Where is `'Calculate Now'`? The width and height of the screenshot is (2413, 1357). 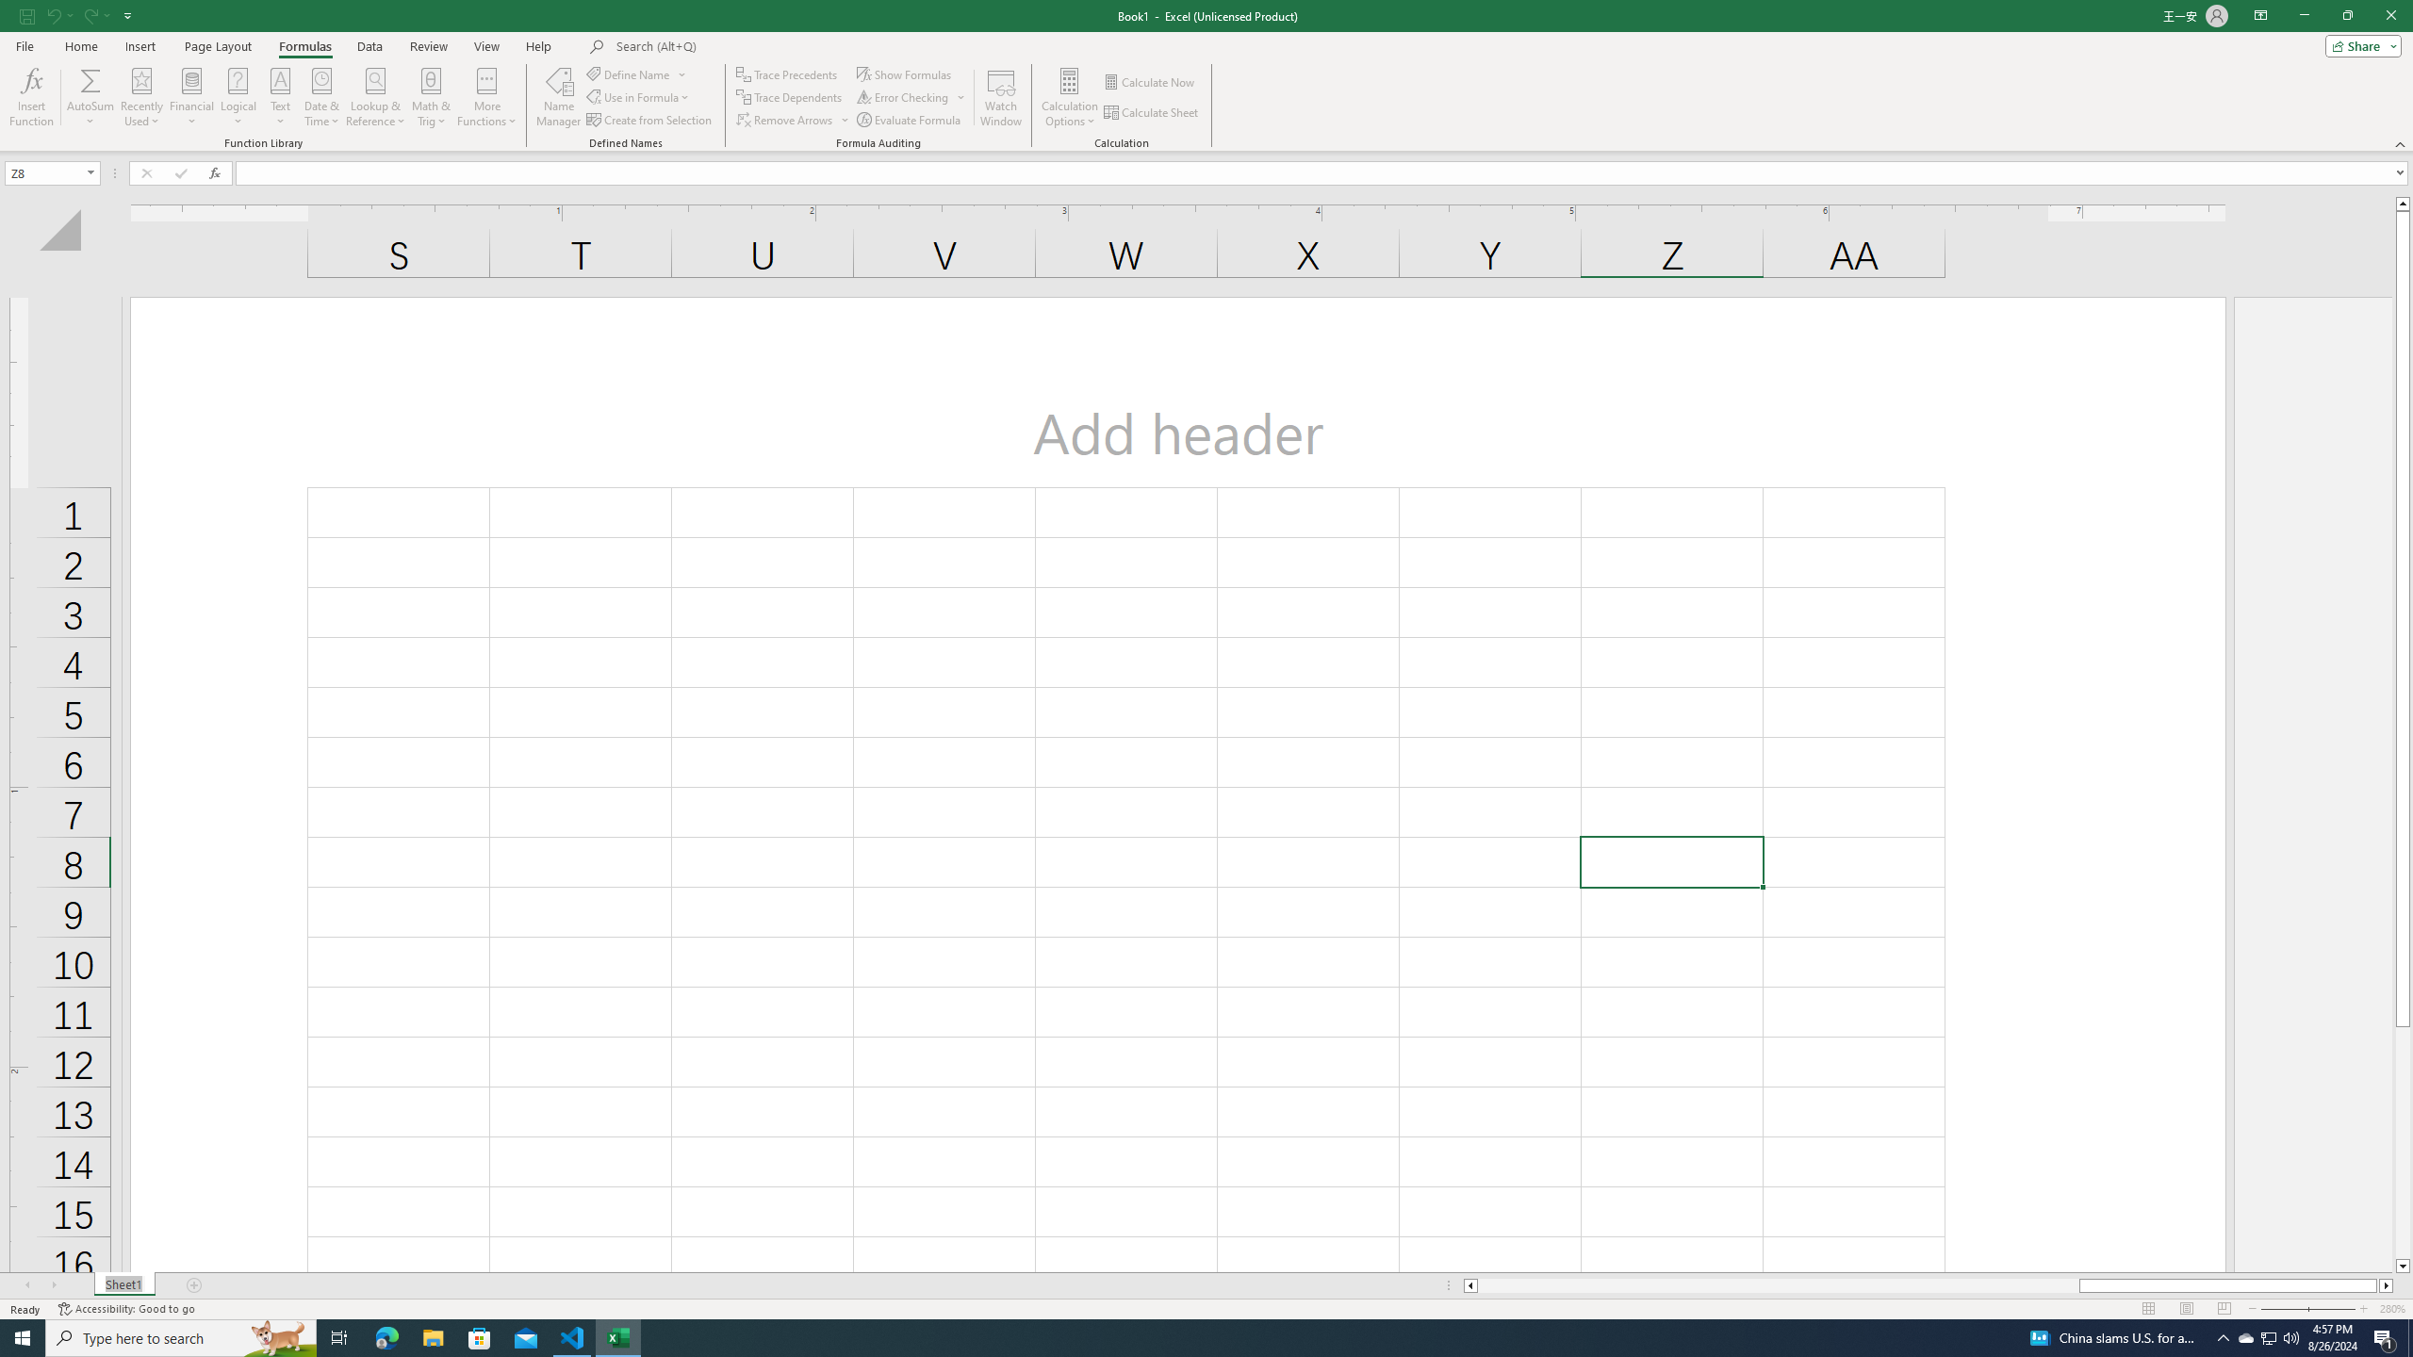
'Calculate Now' is located at coordinates (1150, 82).